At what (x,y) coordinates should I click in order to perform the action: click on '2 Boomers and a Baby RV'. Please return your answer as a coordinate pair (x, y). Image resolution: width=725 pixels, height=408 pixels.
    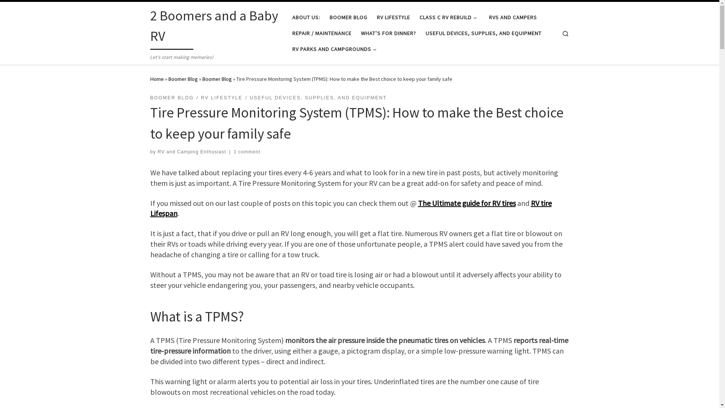
    Looking at the image, I should click on (215, 27).